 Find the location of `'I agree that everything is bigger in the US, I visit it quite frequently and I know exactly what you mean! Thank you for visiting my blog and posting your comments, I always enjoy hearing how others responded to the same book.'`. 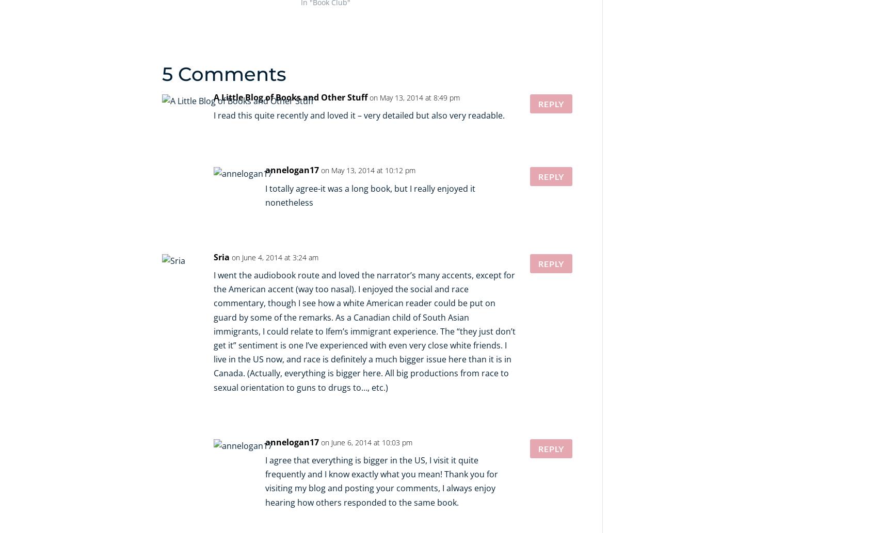

'I agree that everything is bigger in the US, I visit it quite frequently and I know exactly what you mean! Thank you for visiting my blog and posting your comments, I always enjoy hearing how others responded to the same book.' is located at coordinates (264, 480).